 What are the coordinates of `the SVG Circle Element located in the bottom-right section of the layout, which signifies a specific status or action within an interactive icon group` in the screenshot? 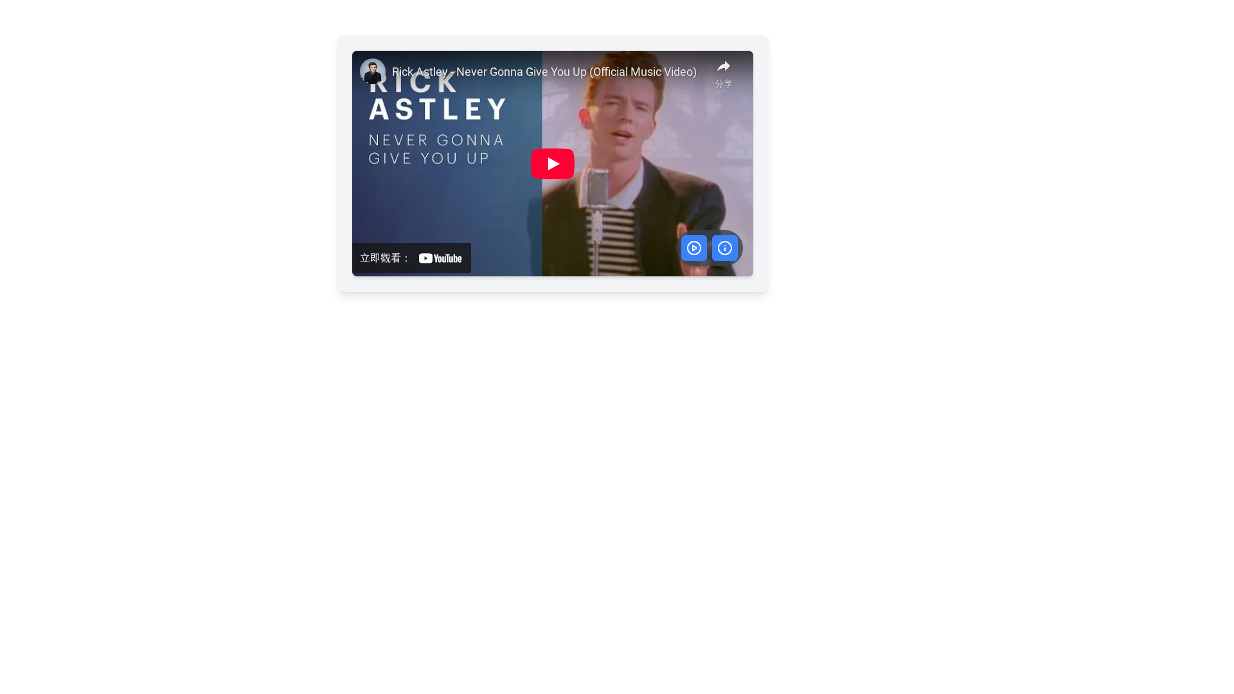 It's located at (724, 247).